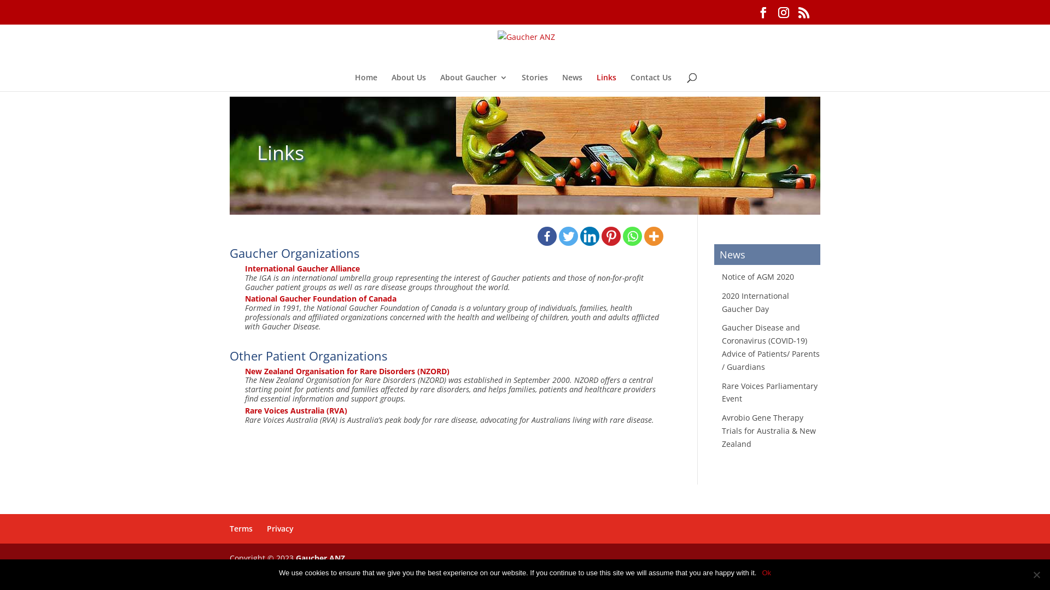 The image size is (1050, 590). Describe the element at coordinates (320, 298) in the screenshot. I see `'National Gaucher Foundation of Canada'` at that location.